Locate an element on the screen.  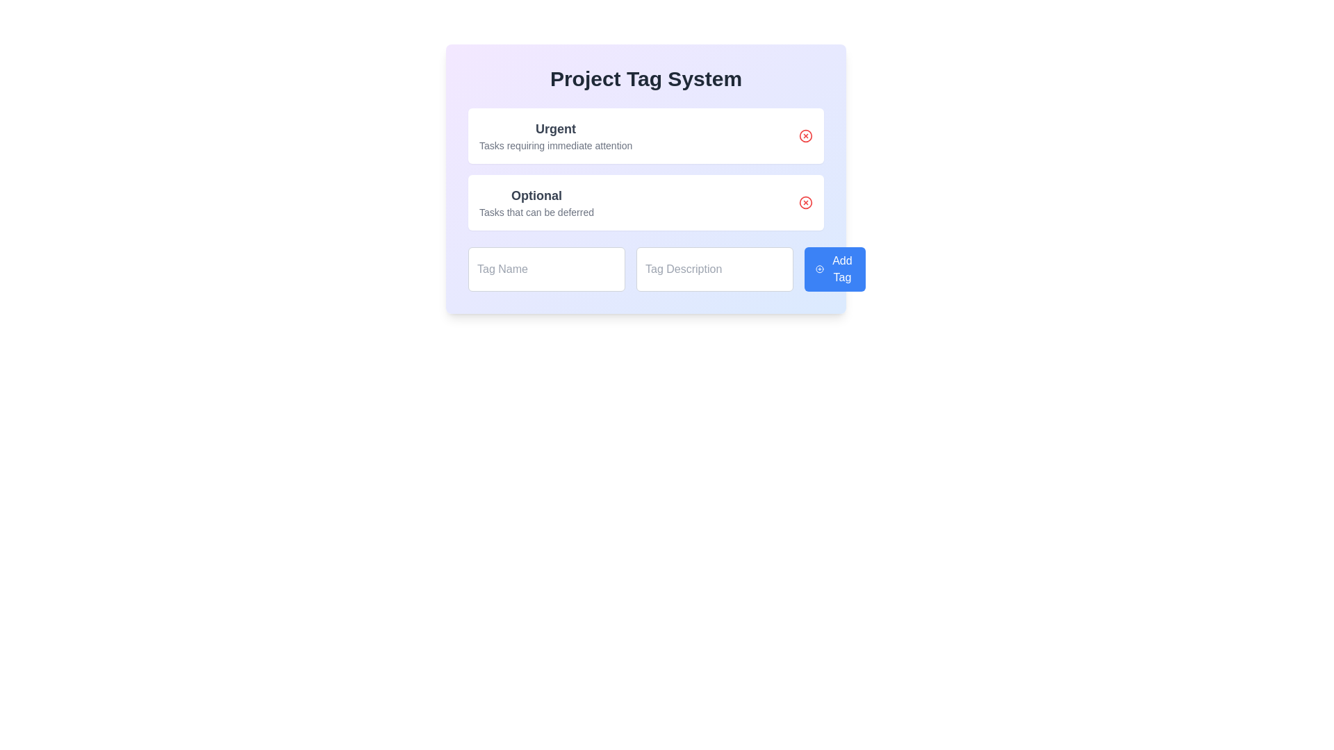
the button located on the far right end of the first row labeled 'Urgent', which is adjacent to the text content 'Tasks requiring immediate attention' is located at coordinates (806, 136).